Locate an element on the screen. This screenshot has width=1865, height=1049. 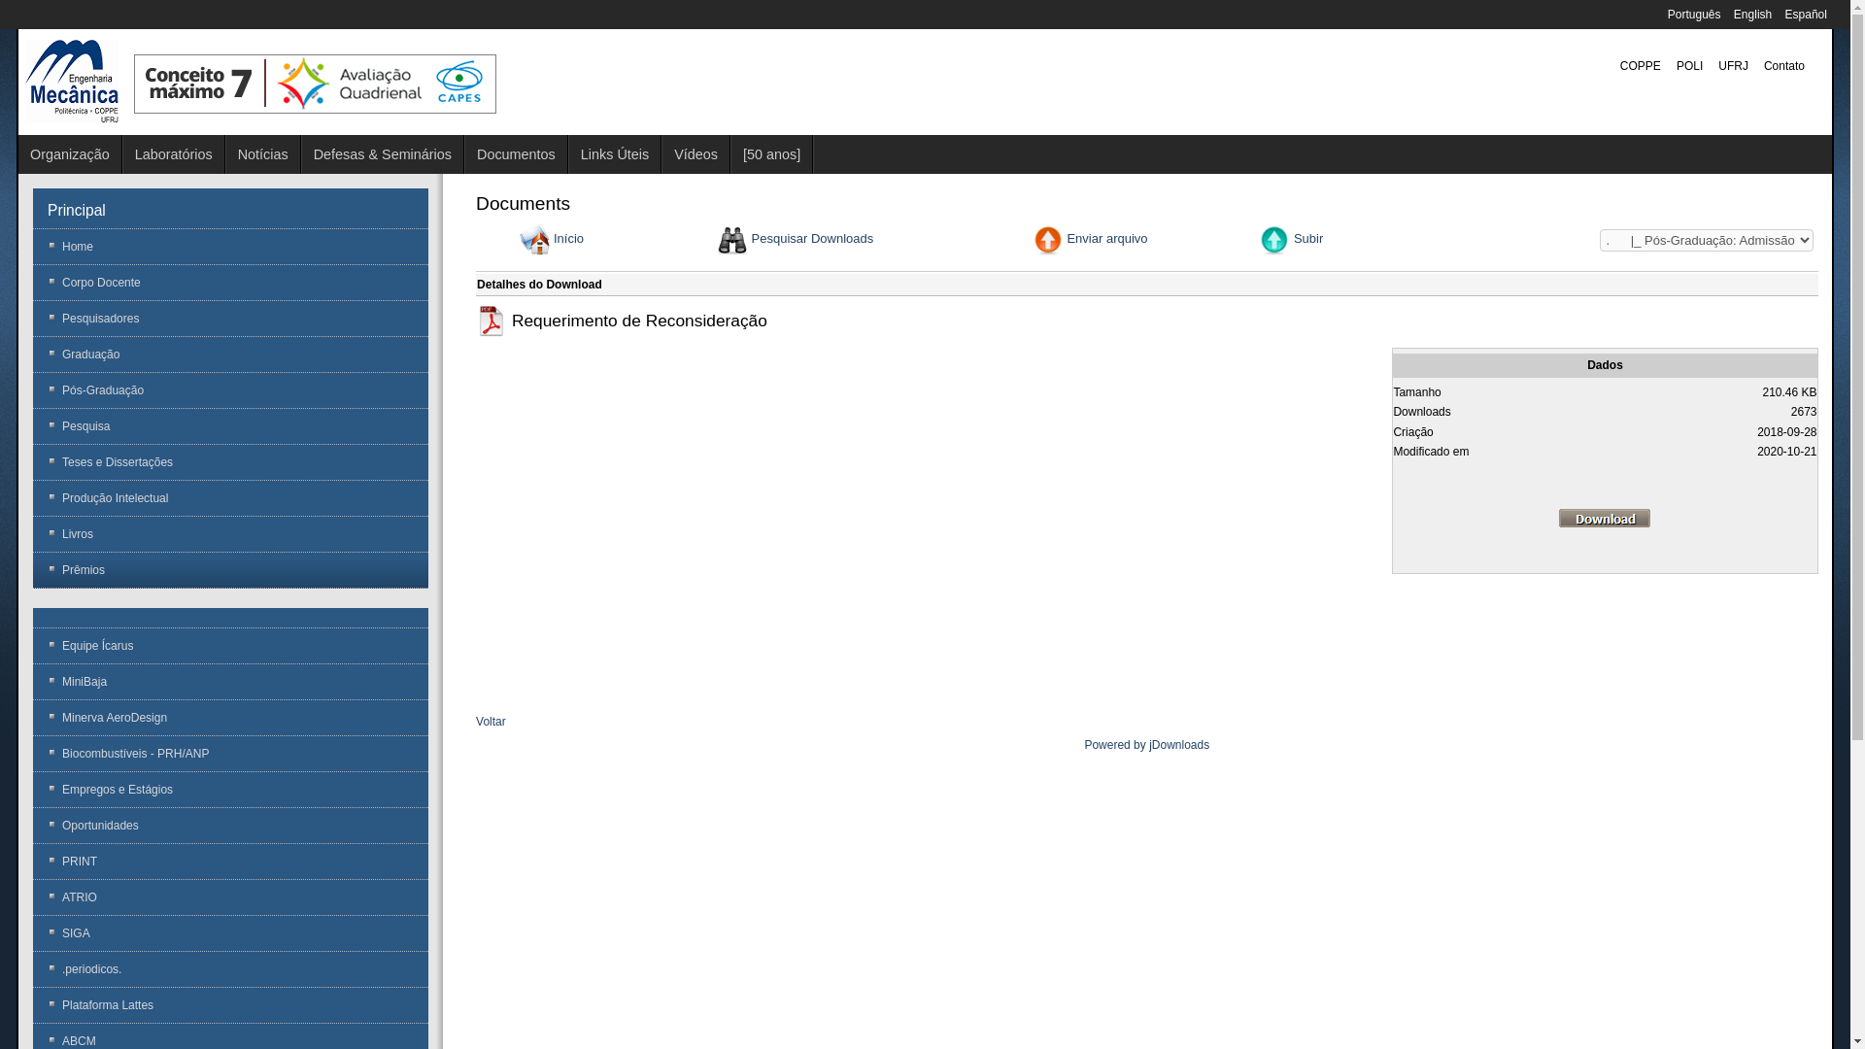
'Corpo Docente' is located at coordinates (230, 282).